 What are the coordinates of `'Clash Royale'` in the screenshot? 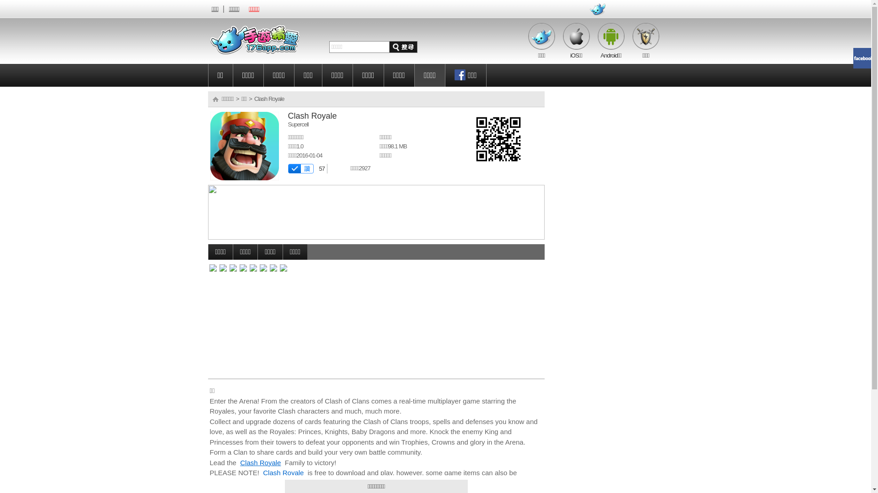 It's located at (283, 472).